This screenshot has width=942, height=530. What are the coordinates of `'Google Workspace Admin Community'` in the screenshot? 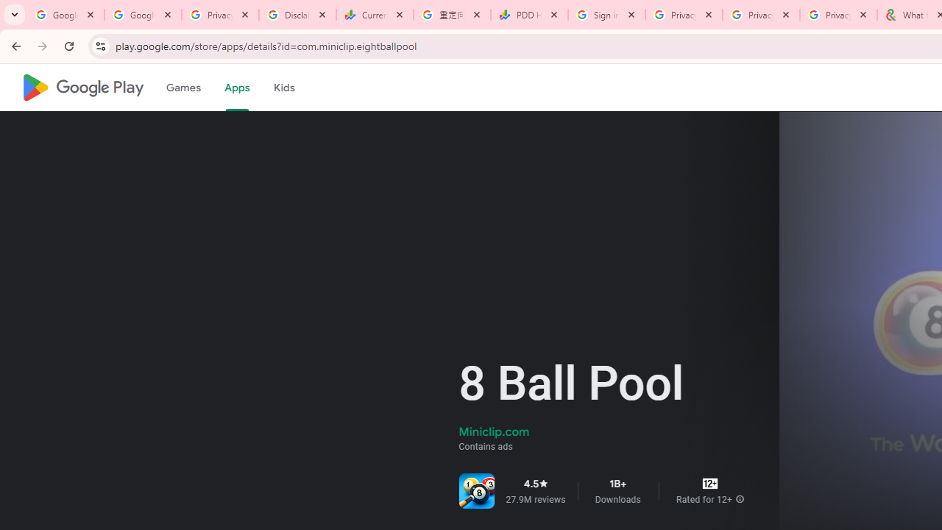 It's located at (65, 15).